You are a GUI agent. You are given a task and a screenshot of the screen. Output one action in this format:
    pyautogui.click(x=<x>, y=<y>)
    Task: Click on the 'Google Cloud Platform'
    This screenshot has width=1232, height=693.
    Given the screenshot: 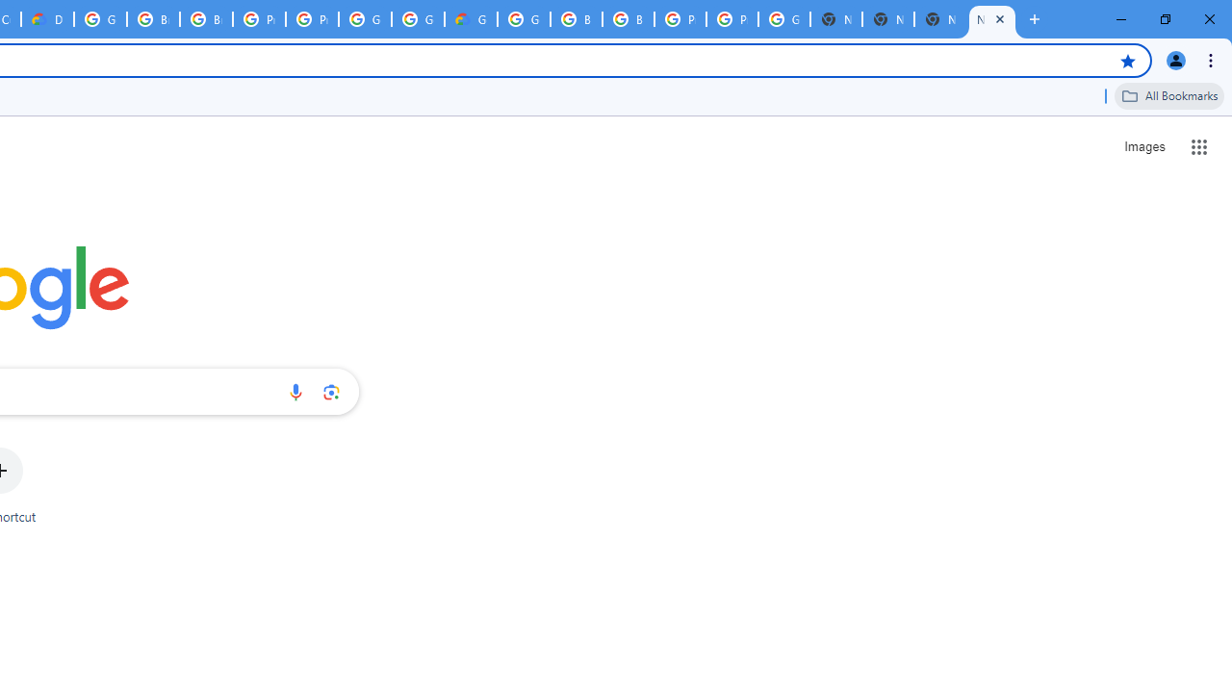 What is the action you would take?
    pyautogui.click(x=784, y=19)
    